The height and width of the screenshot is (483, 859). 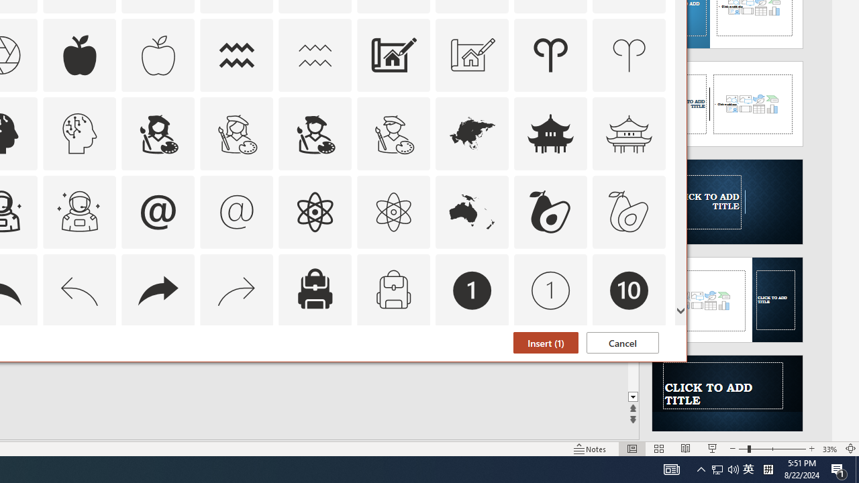 I want to click on 'AutomationID: Icons_AsianTemple_M', so click(x=629, y=133).